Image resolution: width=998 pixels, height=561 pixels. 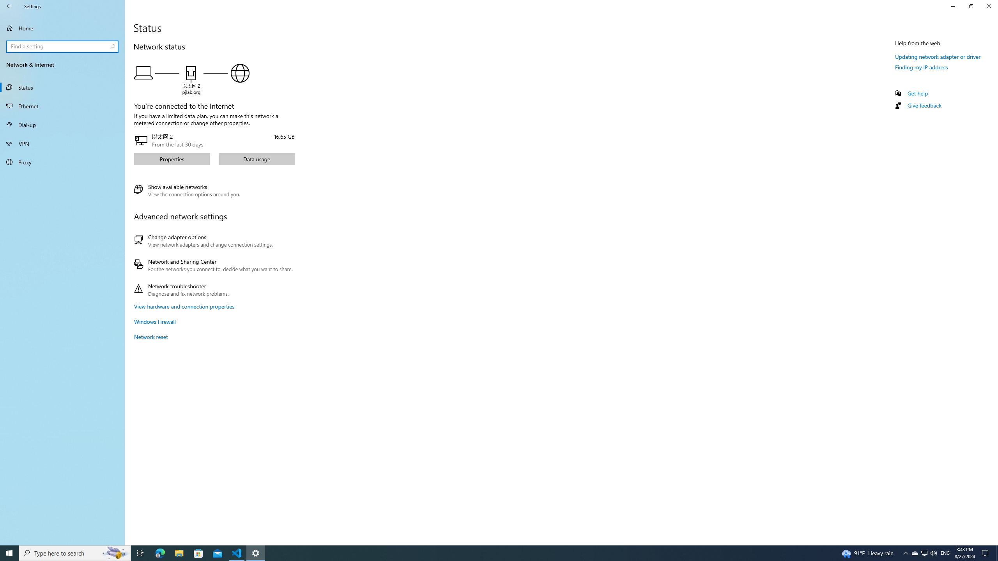 What do you see at coordinates (155, 321) in the screenshot?
I see `'Windows Firewall'` at bounding box center [155, 321].